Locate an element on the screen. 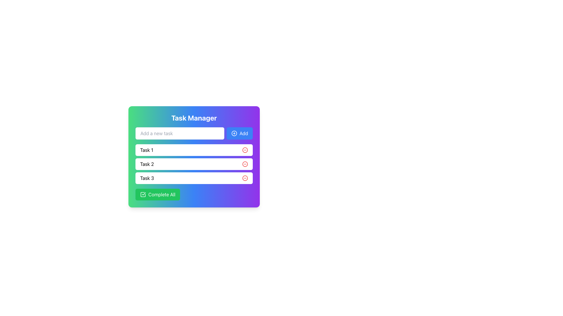 The image size is (563, 316). the SVG Circle element used for deleting 'Task 1' is located at coordinates (245, 150).